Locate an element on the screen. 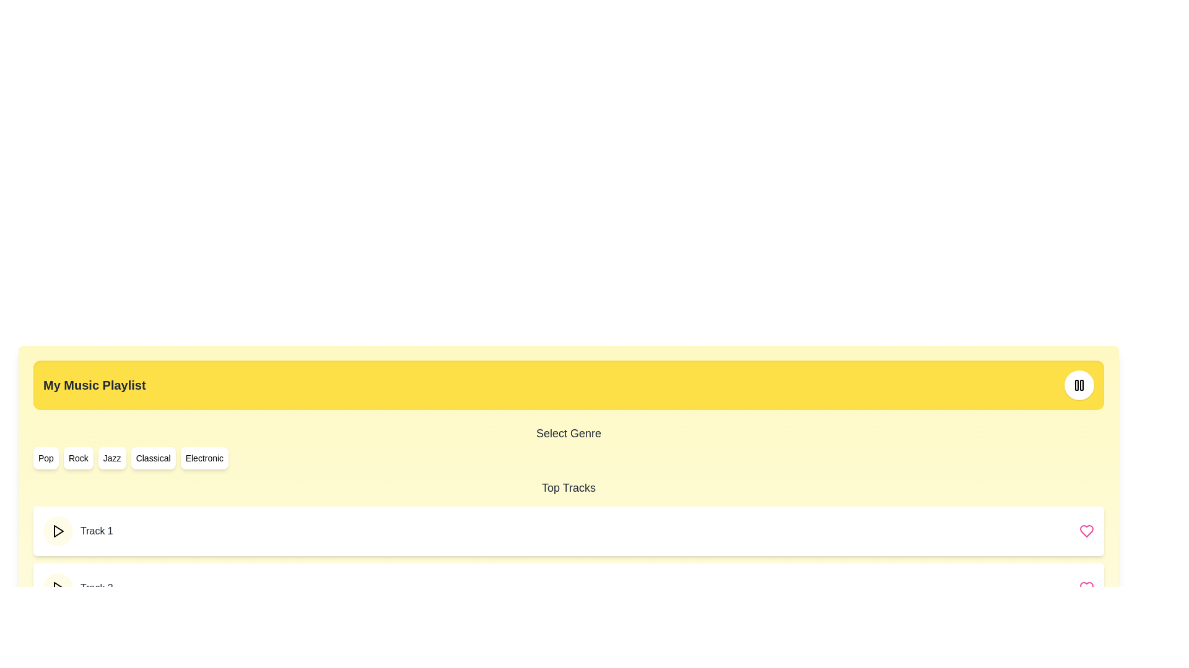  the 'Rock' genre button, which is a rectangular button with a white background and rounded corners, featuring centered text in black sans-serif font is located at coordinates (77, 458).